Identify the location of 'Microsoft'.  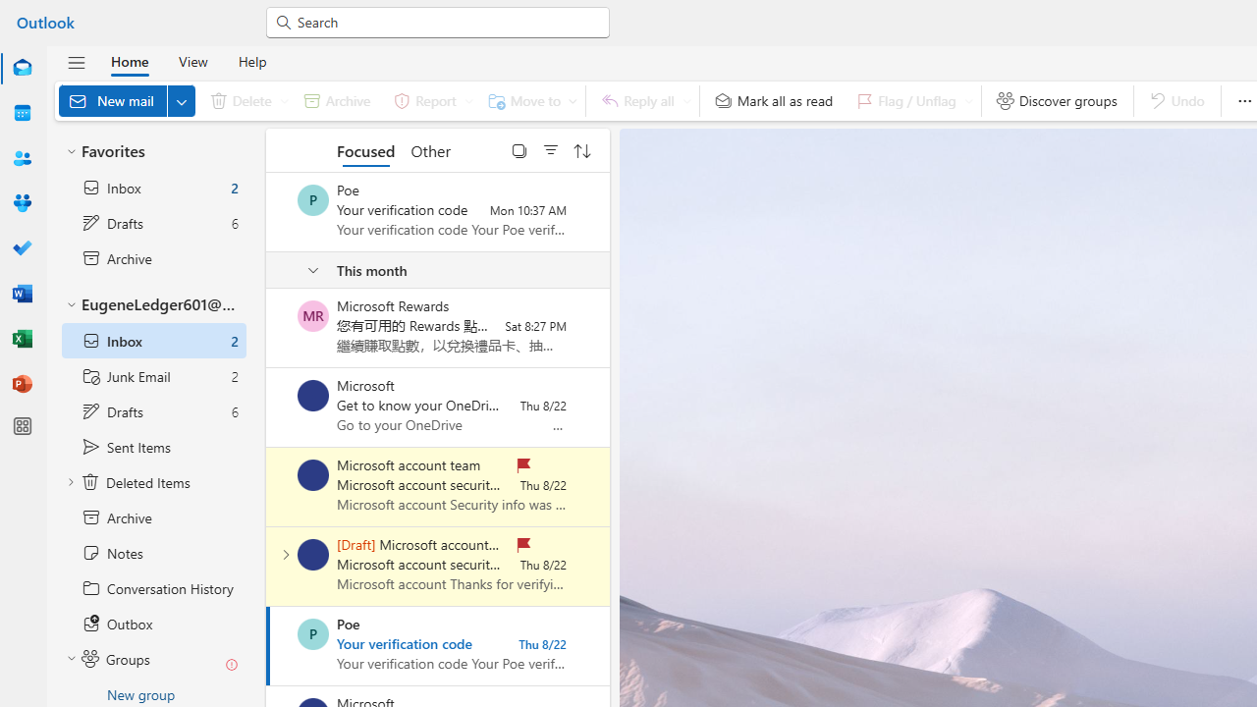
(312, 396).